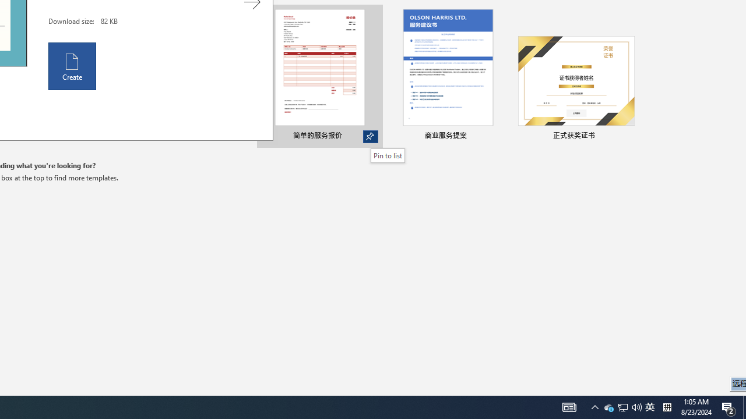  I want to click on 'Pin to list', so click(388, 155).